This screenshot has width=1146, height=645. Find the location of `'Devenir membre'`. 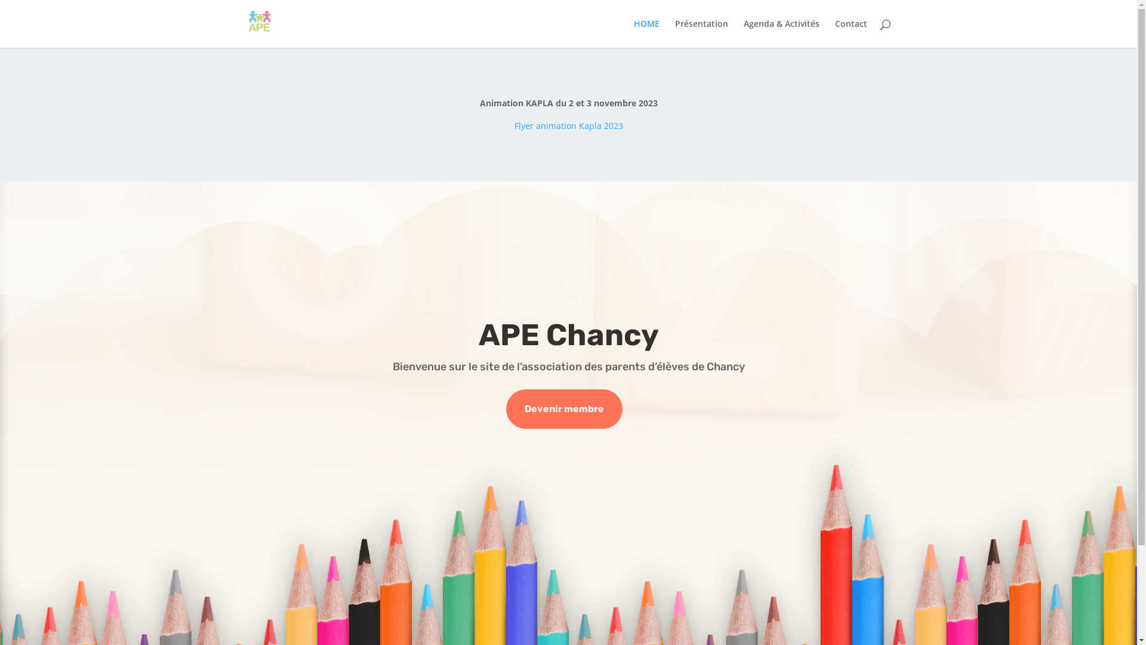

'Devenir membre' is located at coordinates (506, 408).